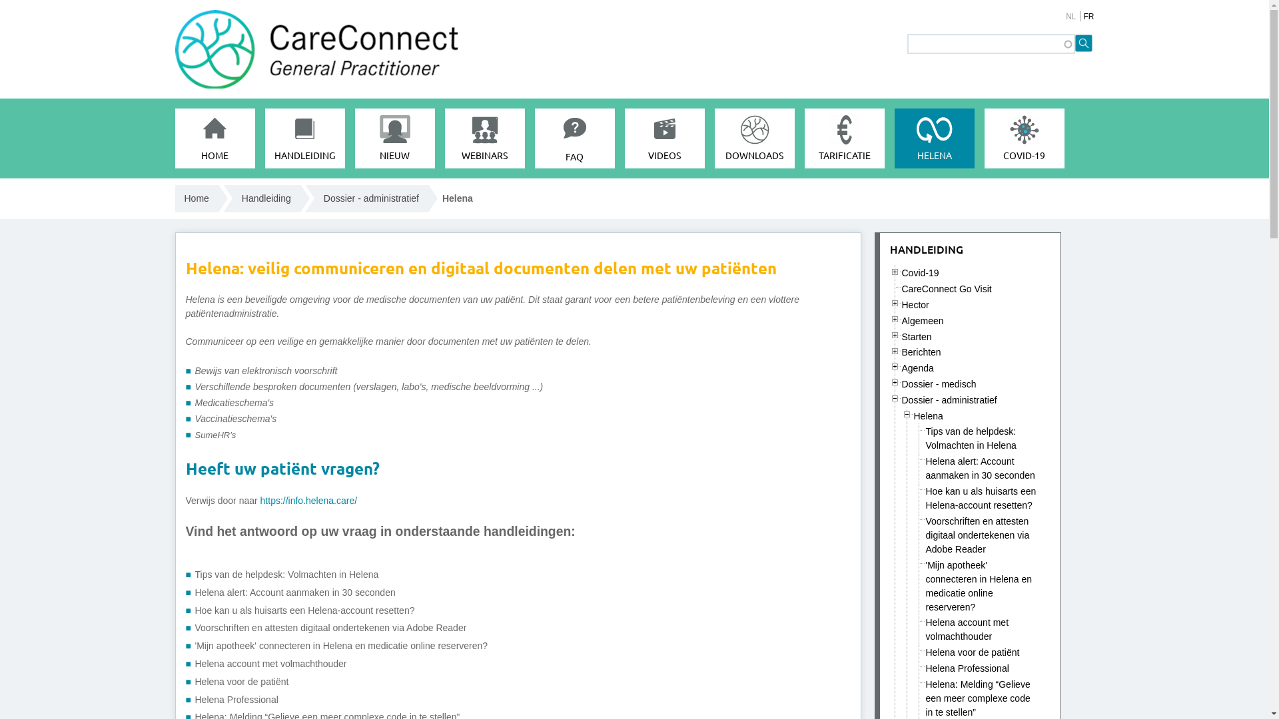 Image resolution: width=1279 pixels, height=719 pixels. I want to click on 'Tips van de helpdesk: Volmachten in Helena', so click(925, 438).